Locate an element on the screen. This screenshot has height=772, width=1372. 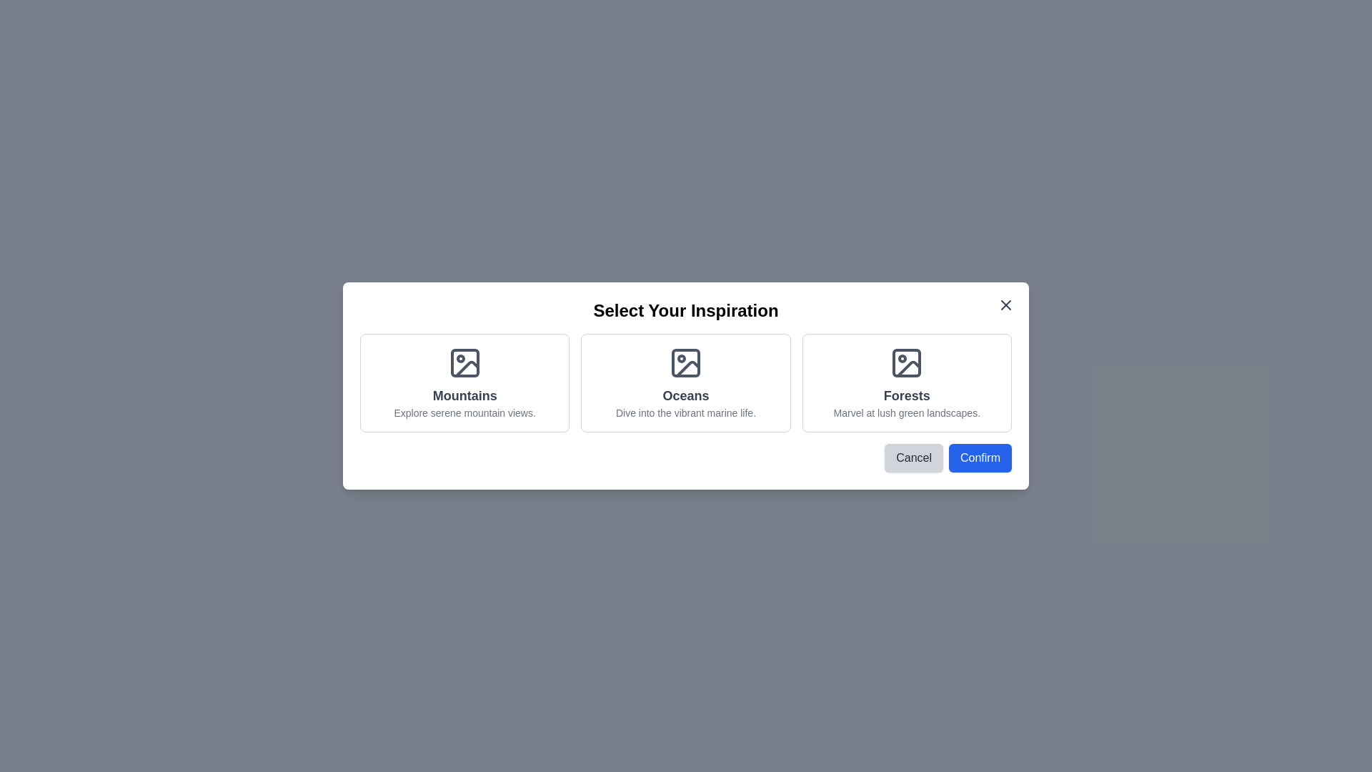
the blue 'Confirm' button with white text is located at coordinates (980, 457).